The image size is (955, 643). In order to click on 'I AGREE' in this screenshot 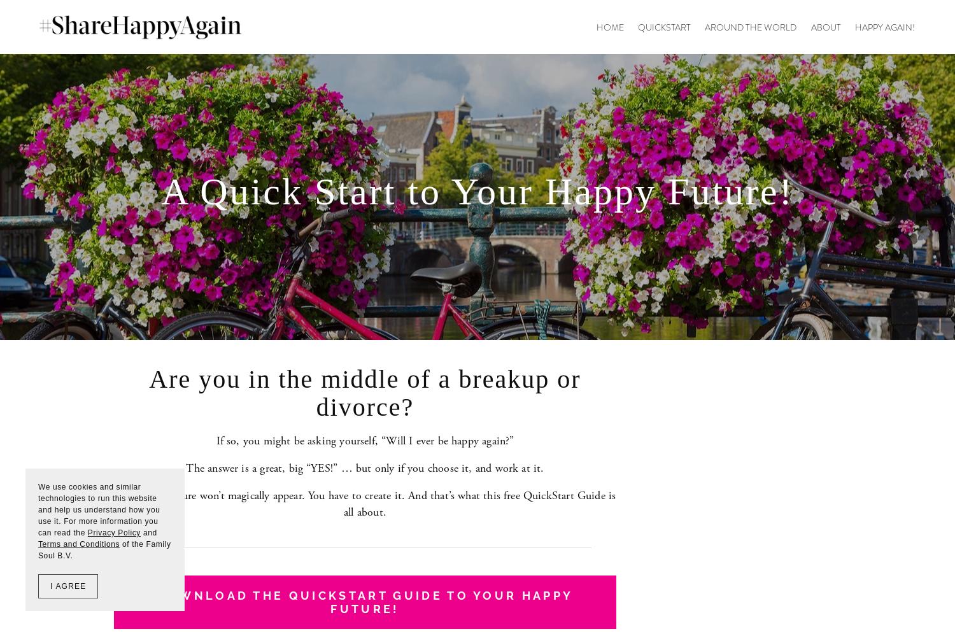, I will do `click(67, 586)`.